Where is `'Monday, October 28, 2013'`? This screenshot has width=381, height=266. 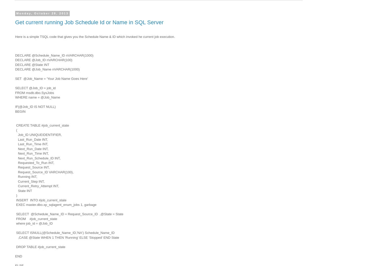
'Monday, October 28, 2013' is located at coordinates (42, 13).